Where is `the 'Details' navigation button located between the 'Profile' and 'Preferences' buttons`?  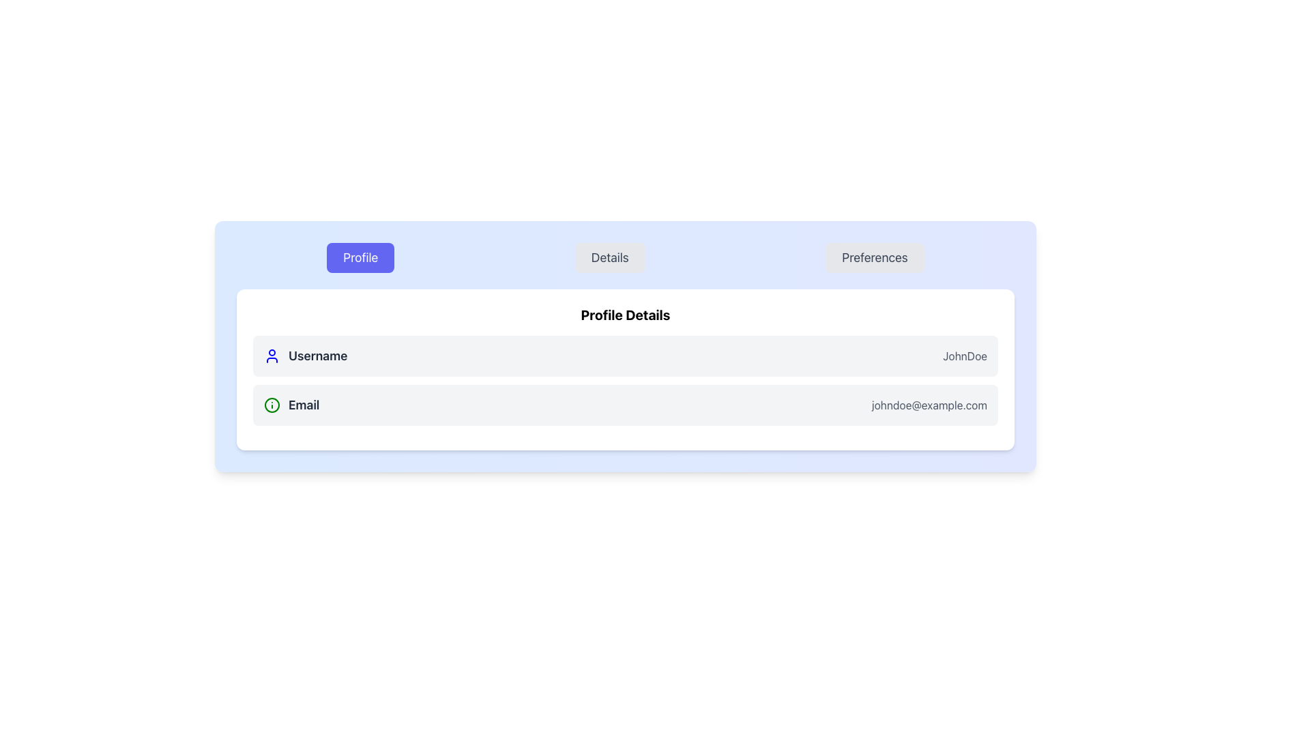
the 'Details' navigation button located between the 'Profile' and 'Preferences' buttons is located at coordinates (609, 258).